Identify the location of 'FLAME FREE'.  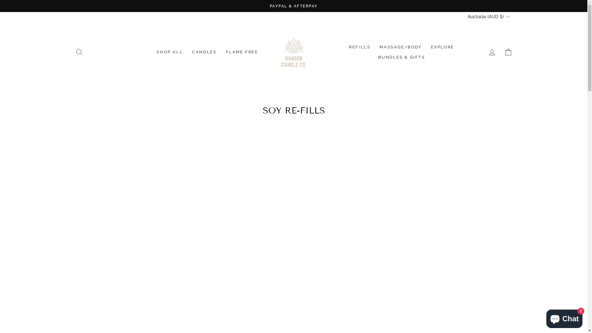
(242, 52).